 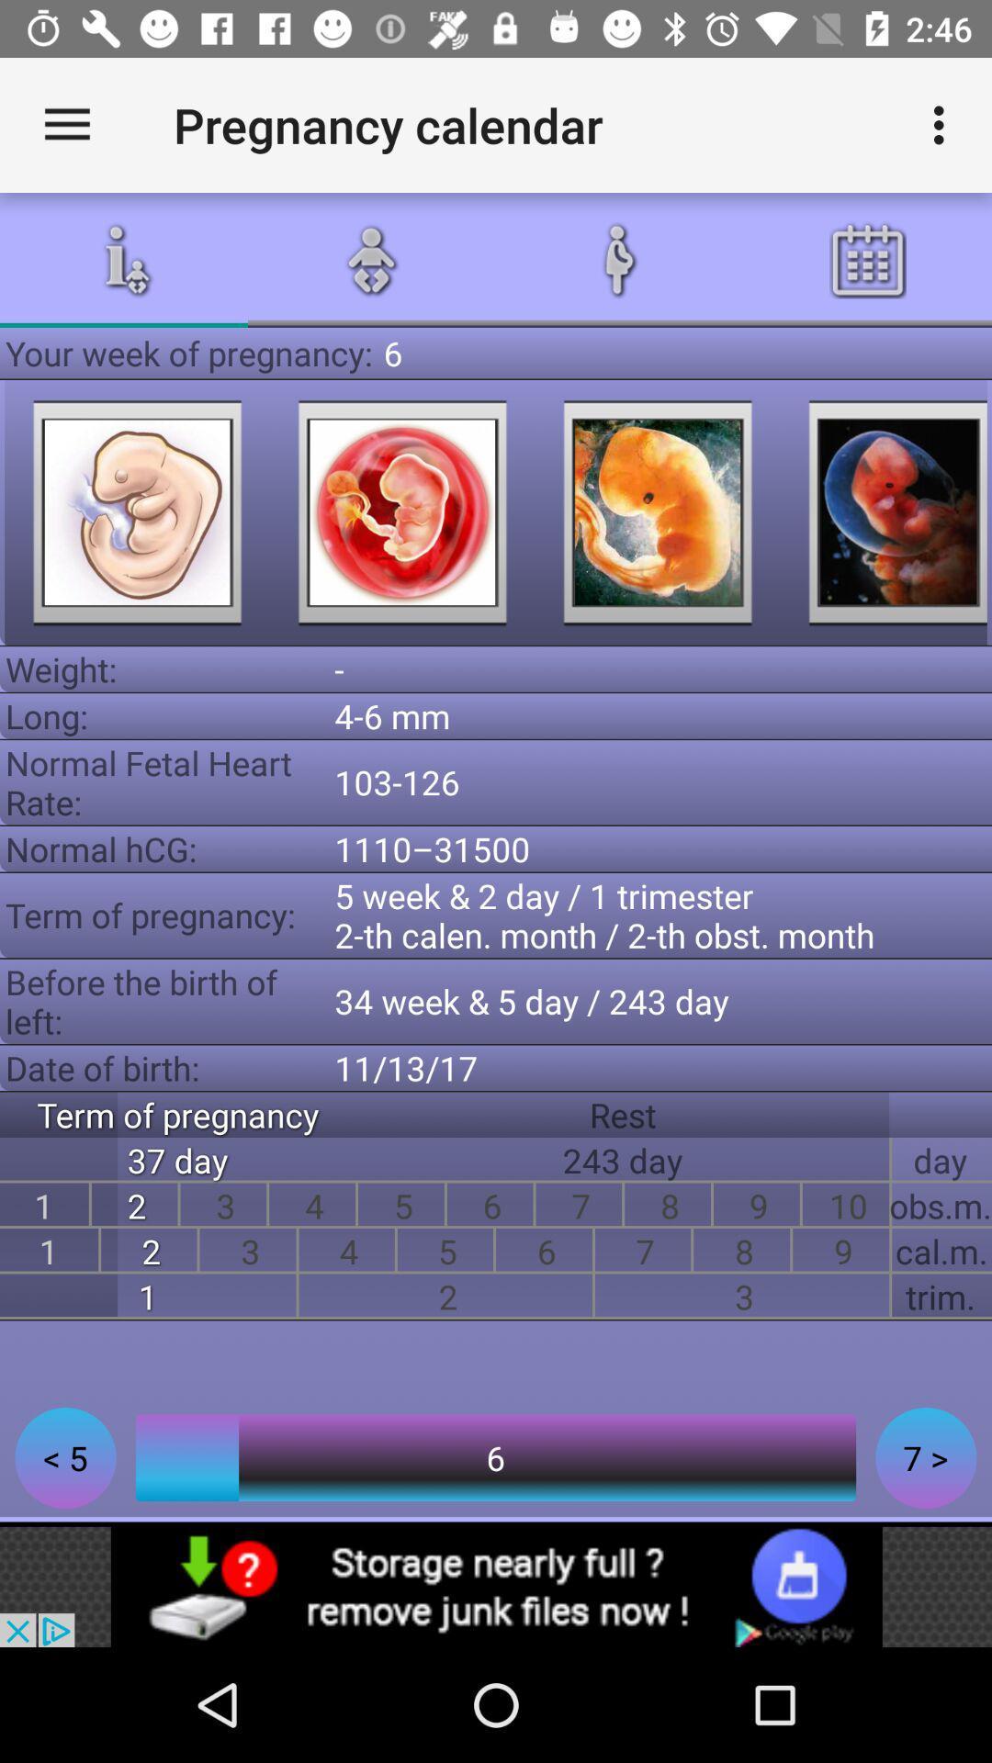 I want to click on pregnancy terms, so click(x=136, y=512).